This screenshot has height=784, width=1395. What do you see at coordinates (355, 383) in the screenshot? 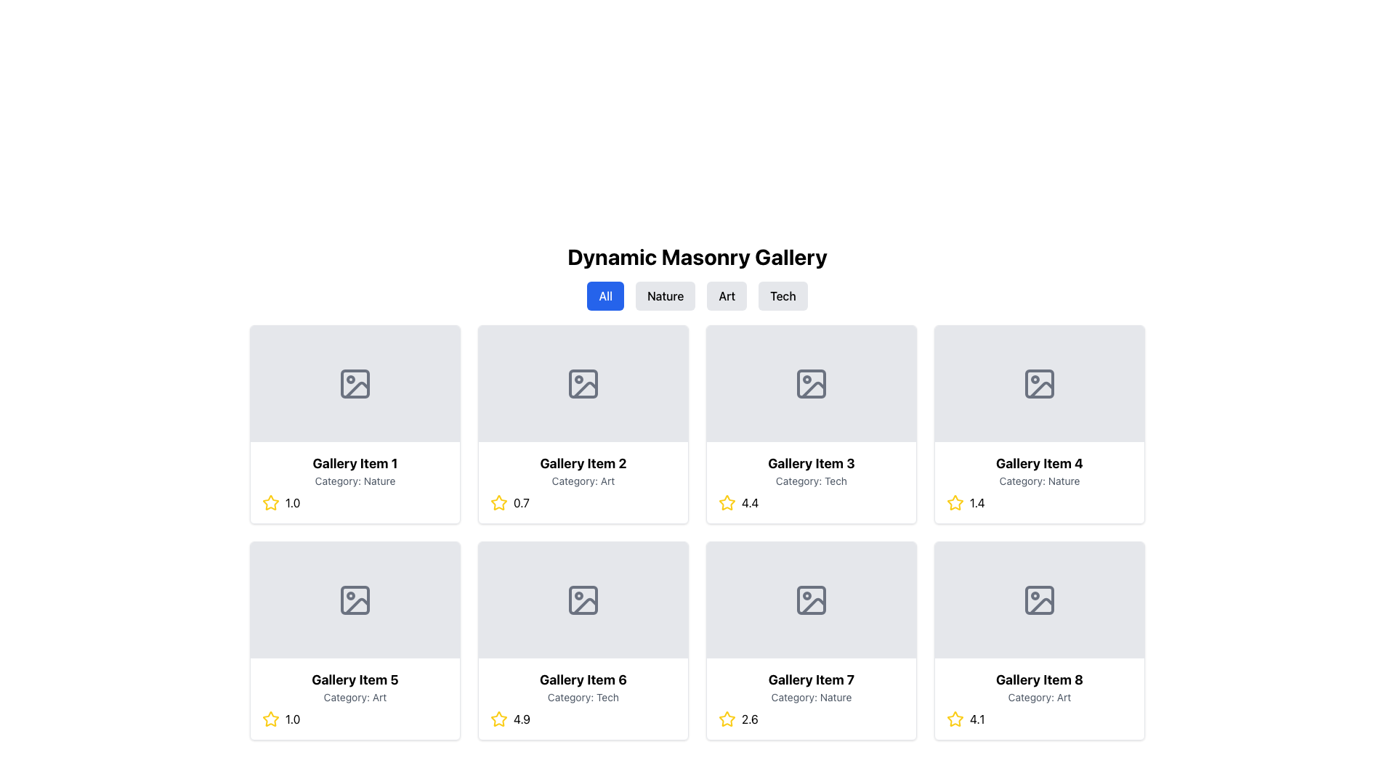
I see `the icon representing an image, which is located at the center of the top-left card labeled 'Gallery Item 1' in a grid layout of gallery items` at bounding box center [355, 383].